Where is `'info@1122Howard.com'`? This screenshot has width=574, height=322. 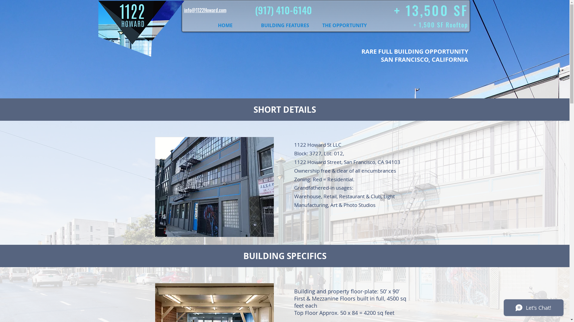
'info@1122Howard.com' is located at coordinates (205, 10).